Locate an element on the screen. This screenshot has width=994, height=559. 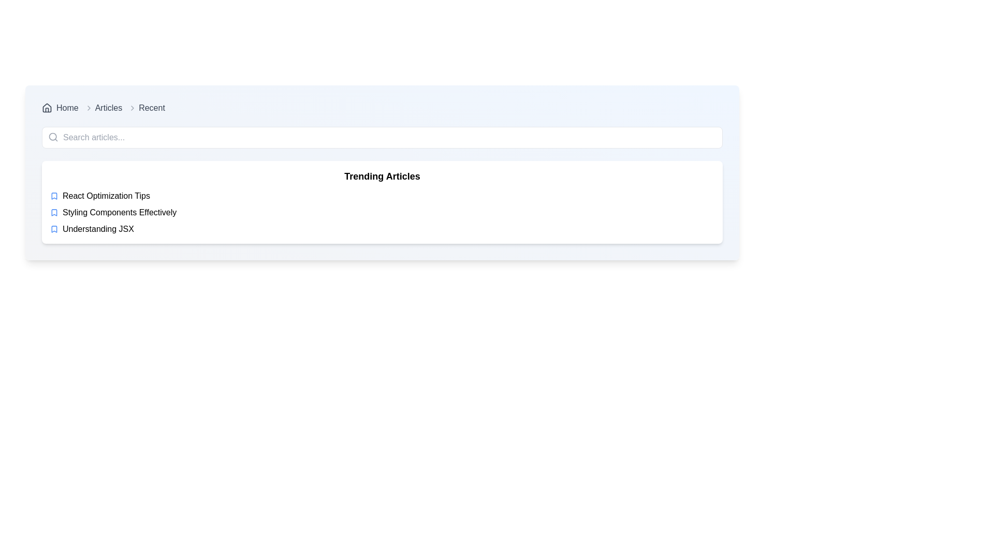
the clickable text link in the breadcrumb navigation that navigates to the homepage is located at coordinates (67, 108).